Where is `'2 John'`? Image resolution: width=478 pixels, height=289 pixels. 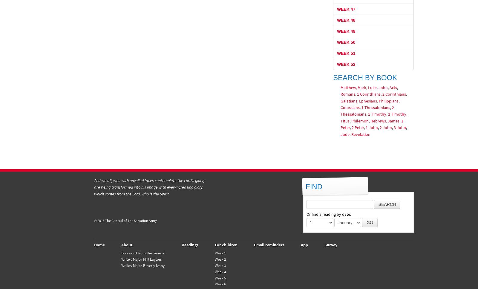
'2 John' is located at coordinates (379, 128).